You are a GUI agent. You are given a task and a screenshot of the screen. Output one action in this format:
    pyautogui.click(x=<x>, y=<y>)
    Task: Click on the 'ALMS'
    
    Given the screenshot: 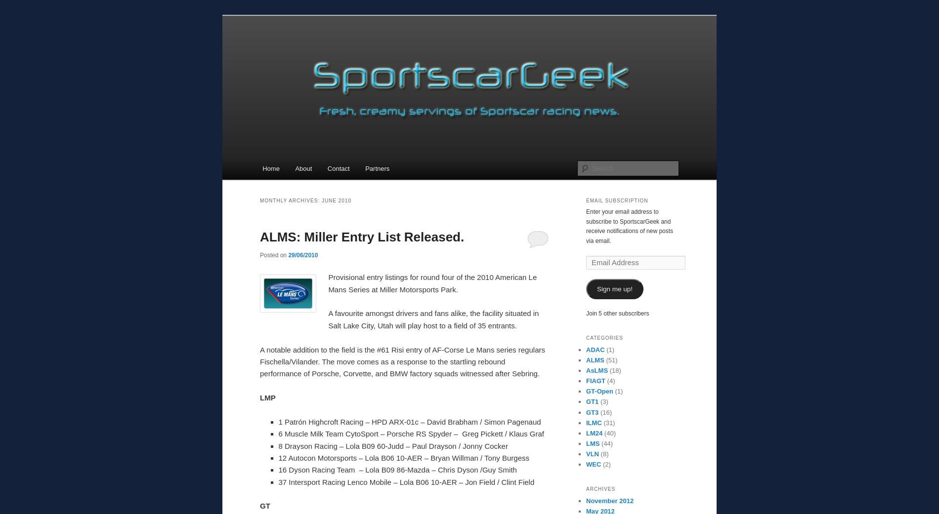 What is the action you would take?
    pyautogui.click(x=595, y=359)
    